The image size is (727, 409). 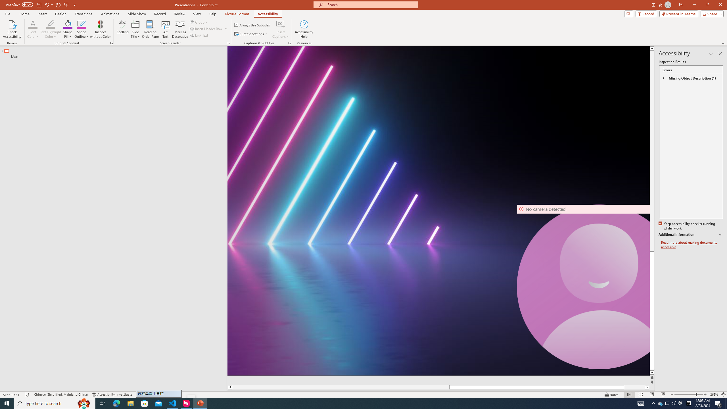 What do you see at coordinates (199, 35) in the screenshot?
I see `'Link Text'` at bounding box center [199, 35].